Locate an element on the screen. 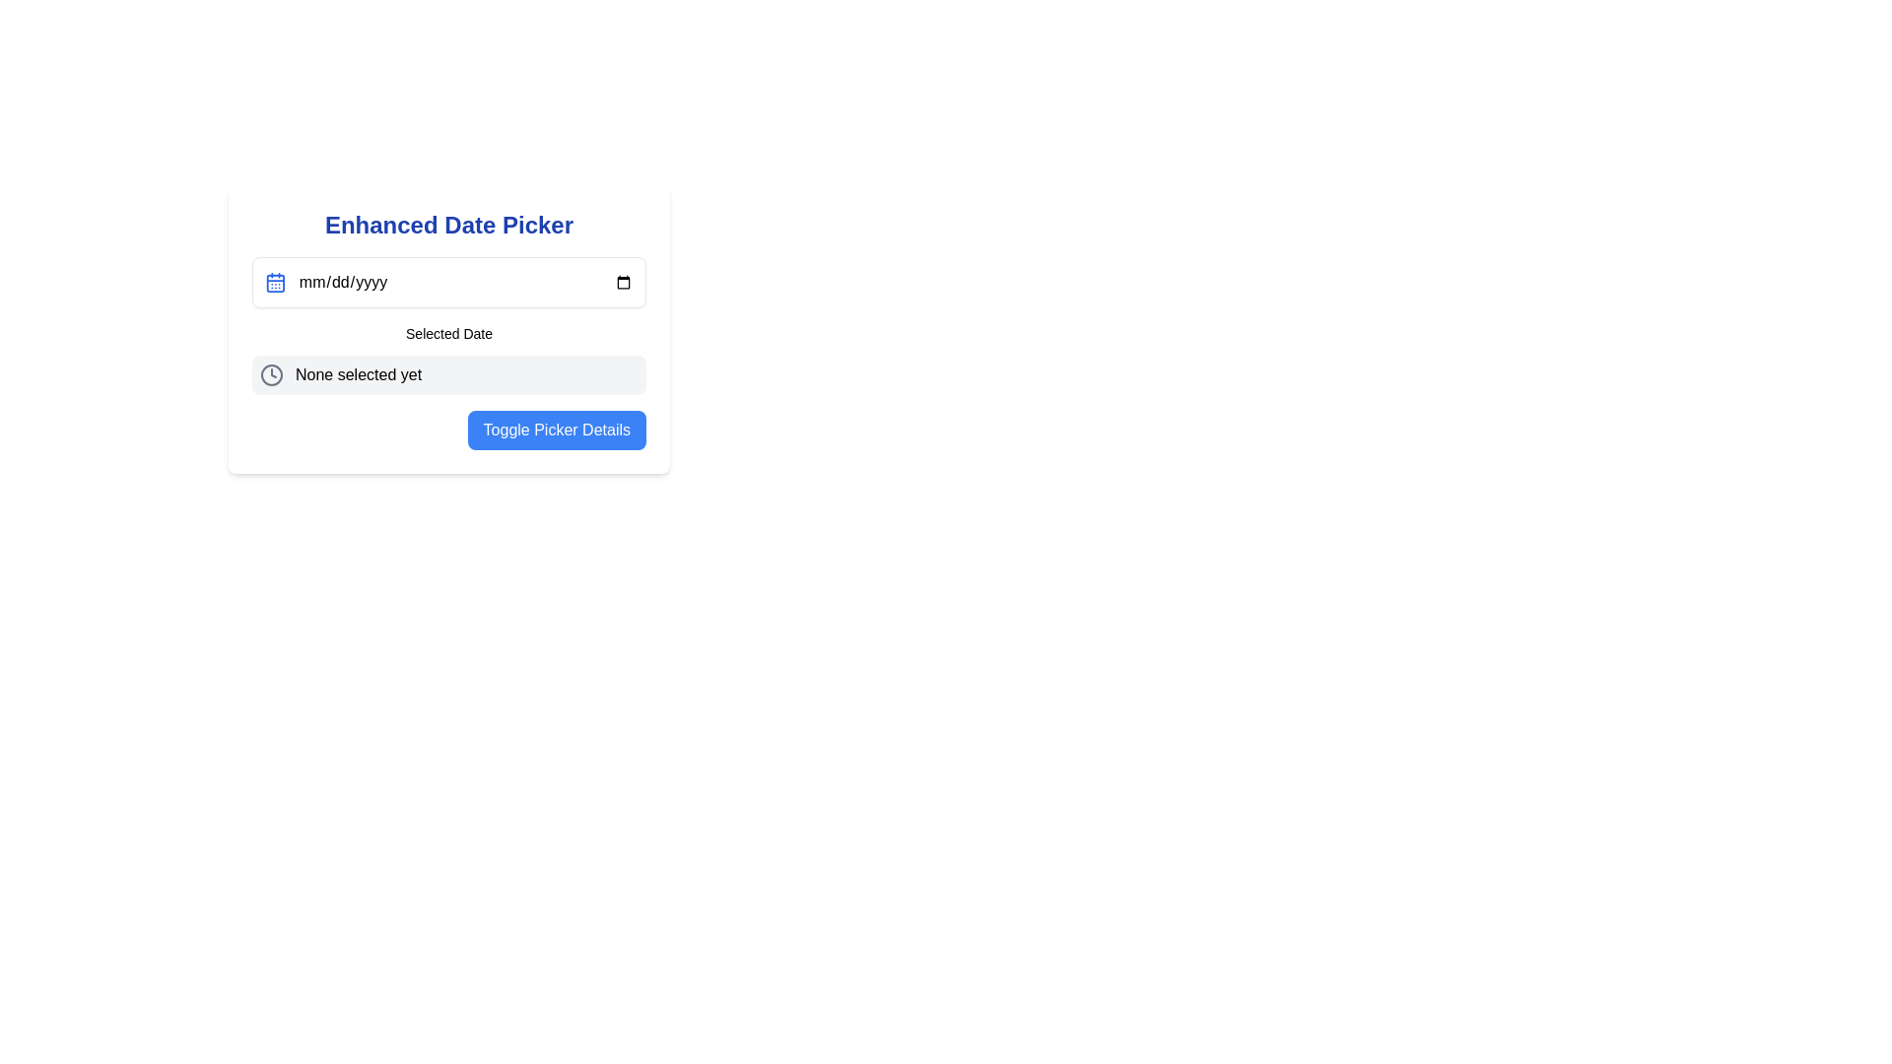  the label element that serves as a heading for the date input and selection module, which displays the text 'Selected Date' is located at coordinates (448, 333).